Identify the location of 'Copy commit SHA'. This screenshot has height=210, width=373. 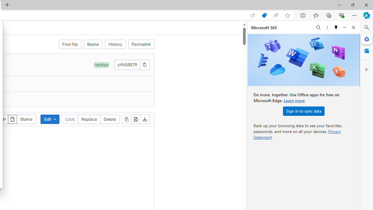
(145, 64).